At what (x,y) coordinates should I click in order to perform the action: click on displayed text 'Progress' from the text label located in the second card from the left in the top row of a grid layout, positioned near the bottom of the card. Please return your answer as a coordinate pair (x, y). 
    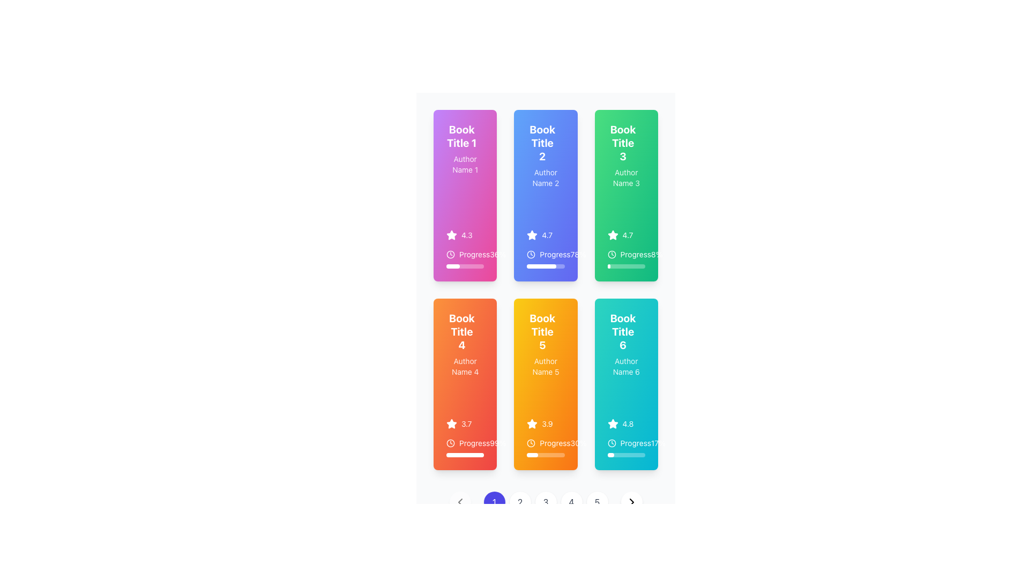
    Looking at the image, I should click on (548, 254).